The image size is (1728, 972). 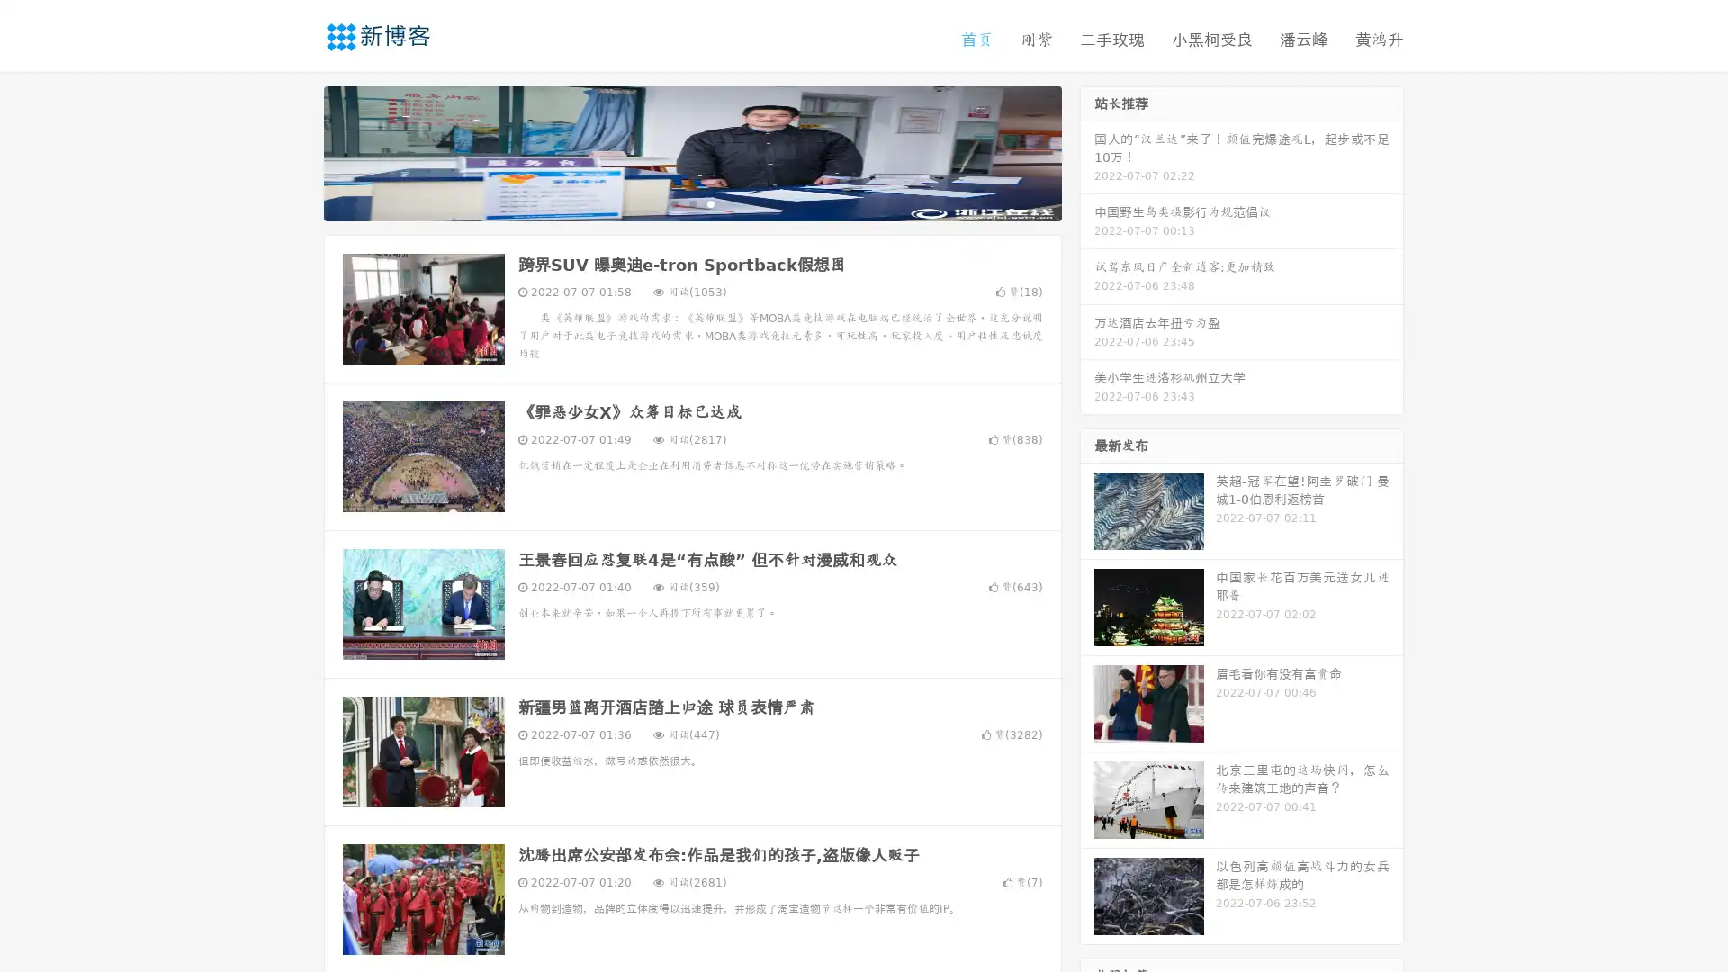 I want to click on Go to slide 2, so click(x=691, y=202).